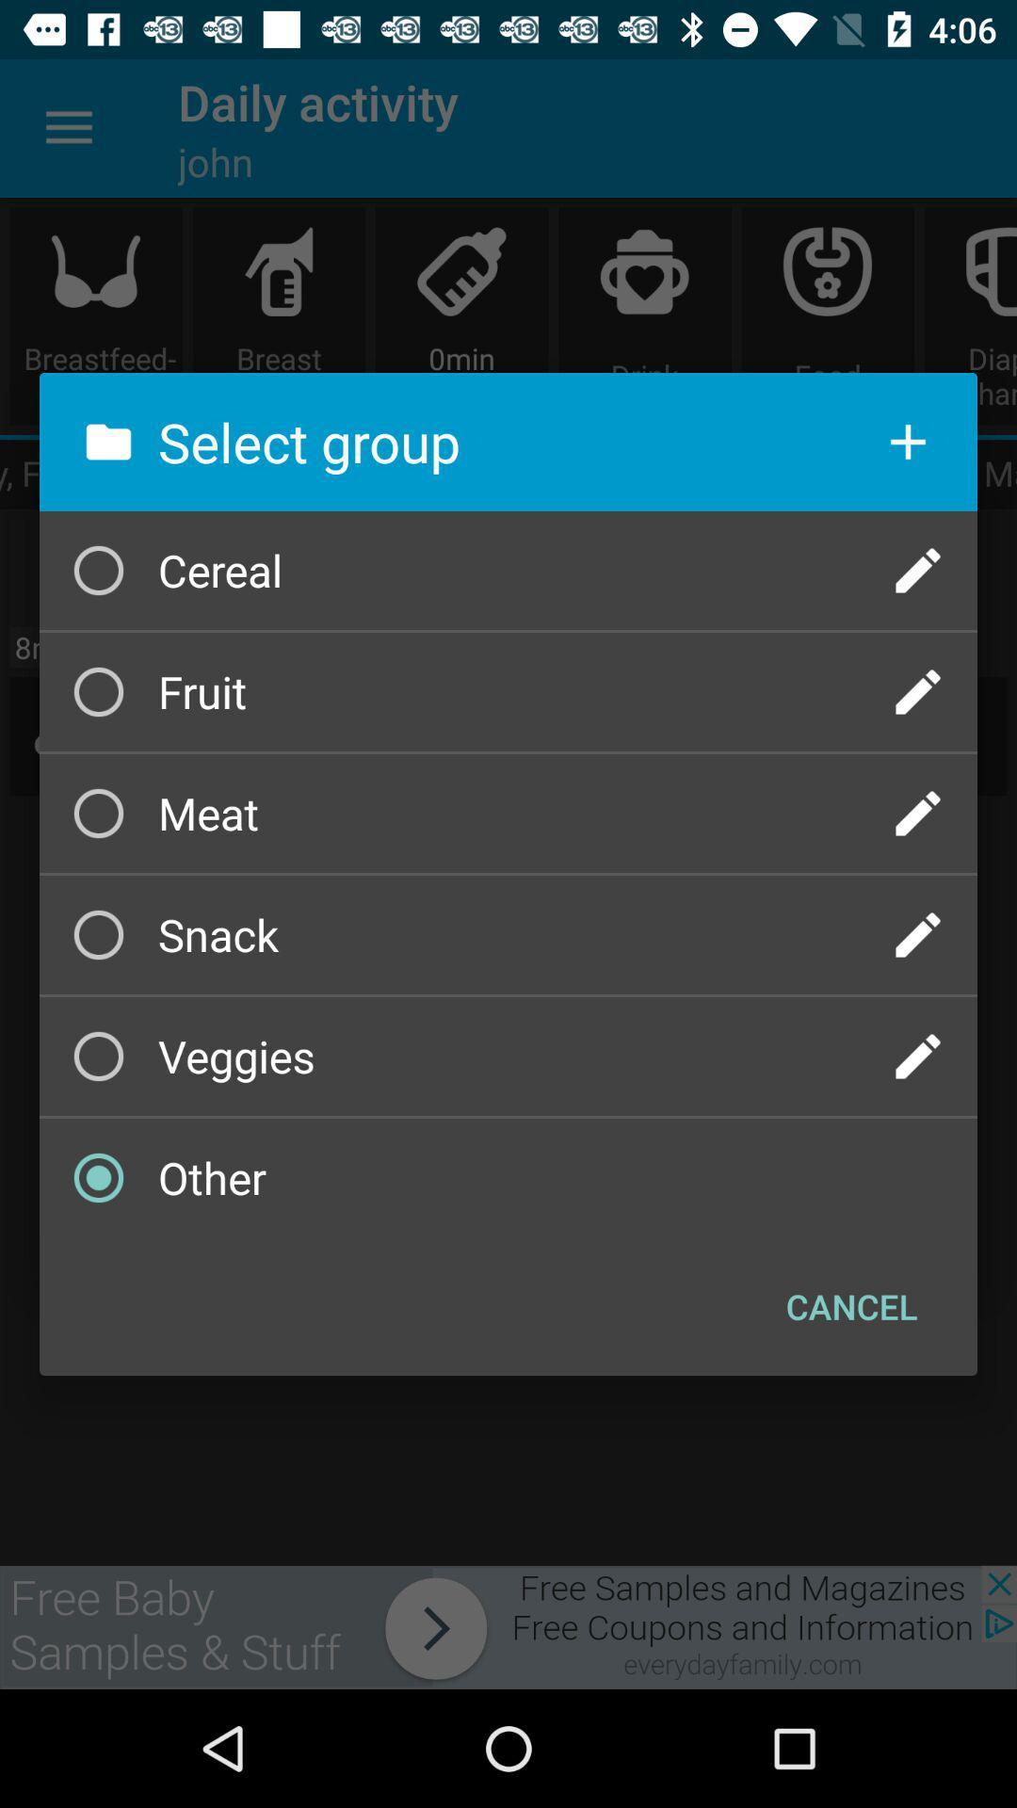 The height and width of the screenshot is (1808, 1017). Describe the element at coordinates (917, 569) in the screenshot. I see `edit group name` at that location.